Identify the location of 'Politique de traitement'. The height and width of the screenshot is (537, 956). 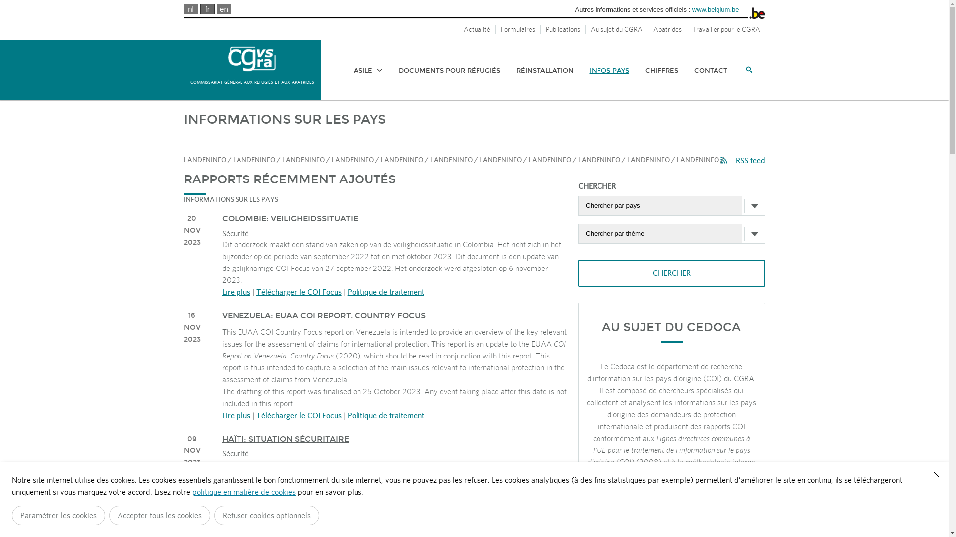
(385, 415).